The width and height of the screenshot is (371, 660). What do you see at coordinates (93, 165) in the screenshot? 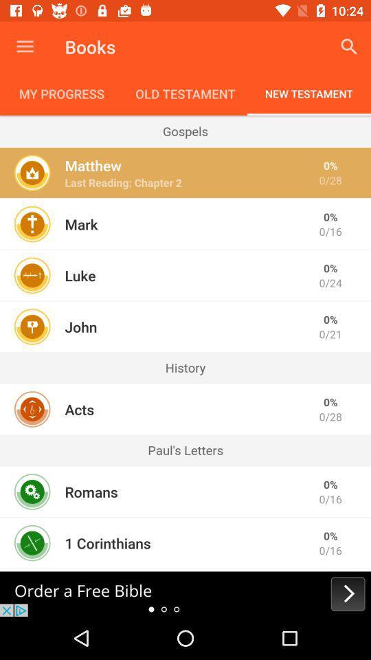
I see `the icon to the left of 0/28 item` at bounding box center [93, 165].